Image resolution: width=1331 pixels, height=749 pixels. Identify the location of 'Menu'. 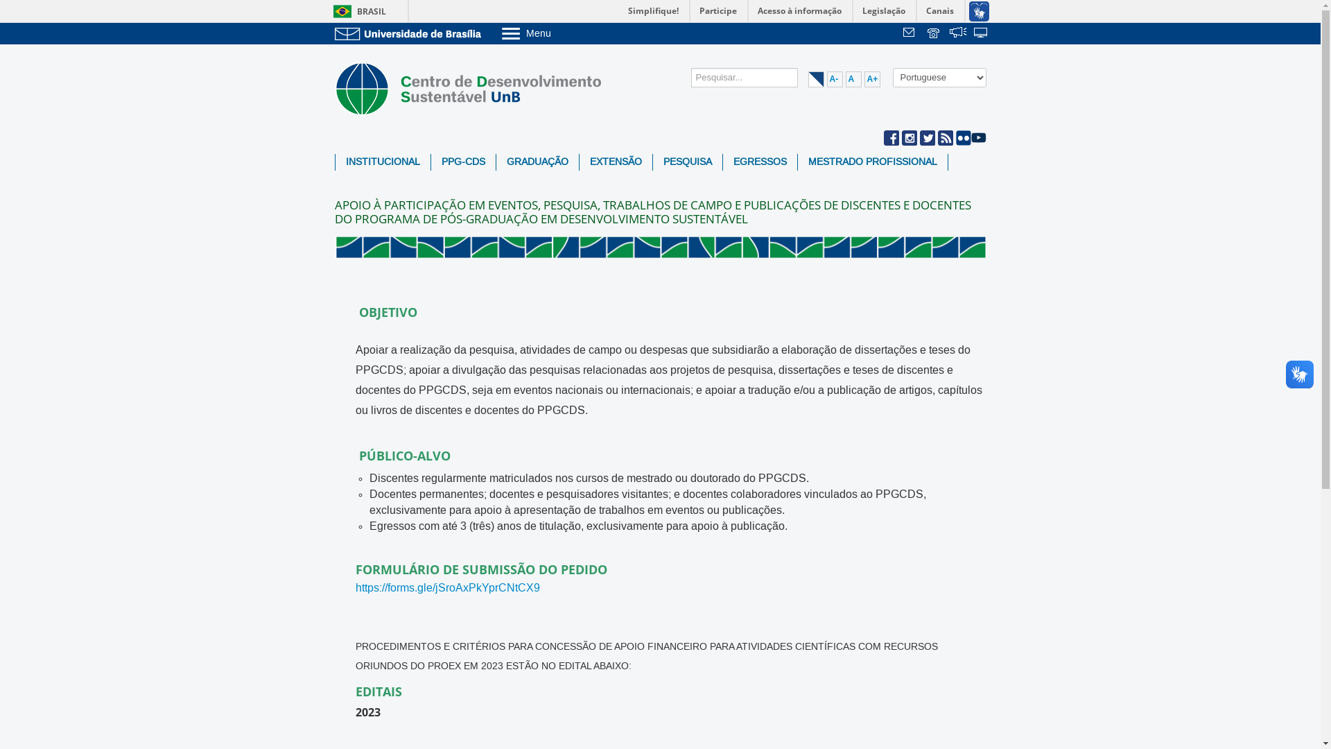
(561, 32).